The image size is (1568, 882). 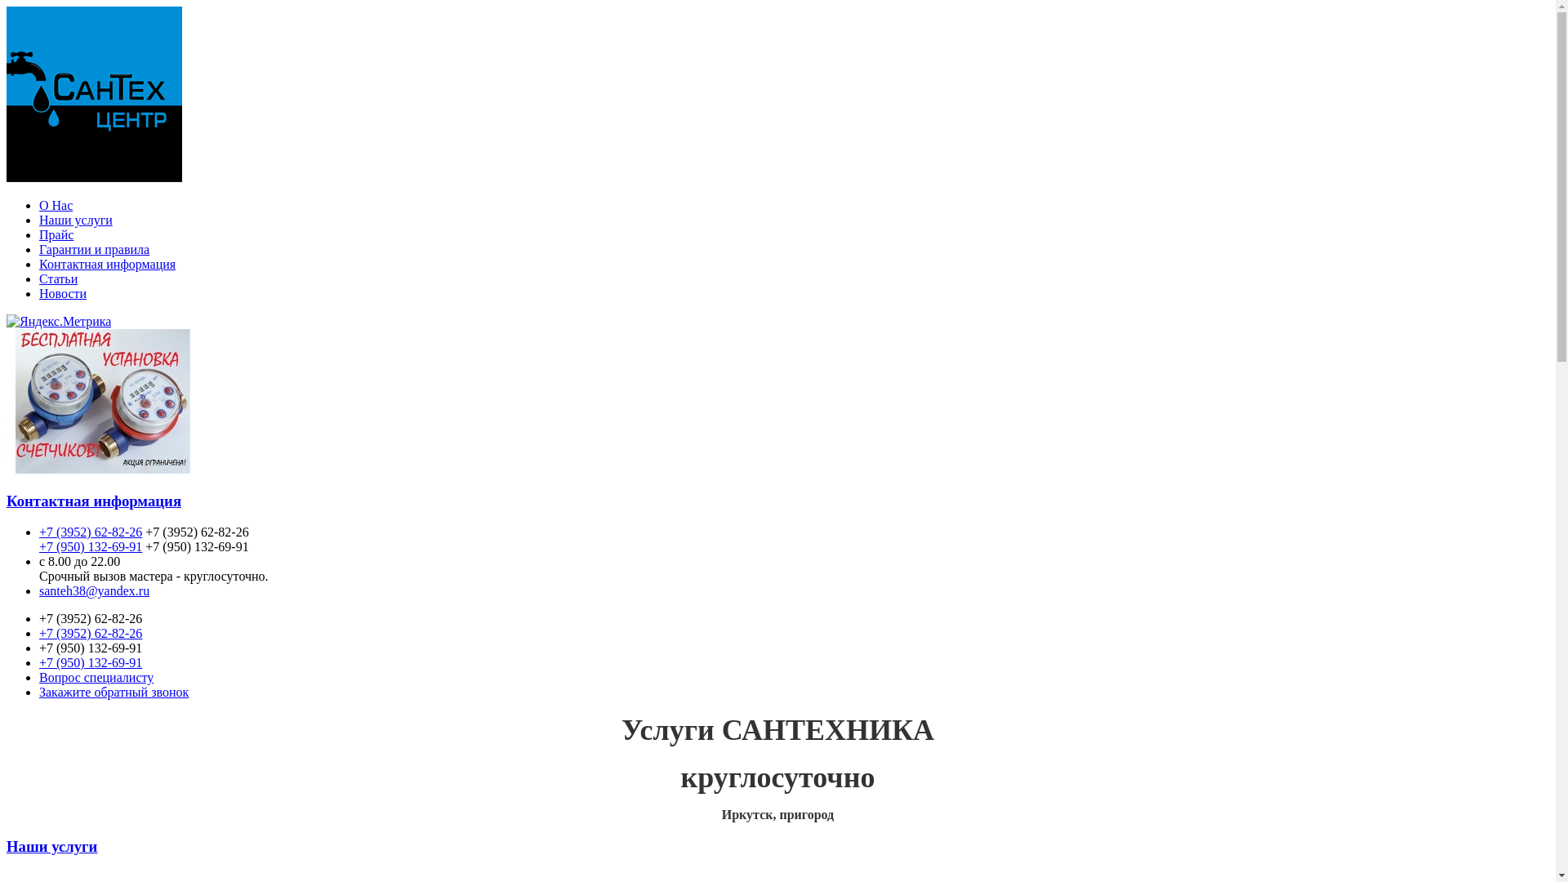 What do you see at coordinates (89, 632) in the screenshot?
I see `'+7 (3952) 62-82-26'` at bounding box center [89, 632].